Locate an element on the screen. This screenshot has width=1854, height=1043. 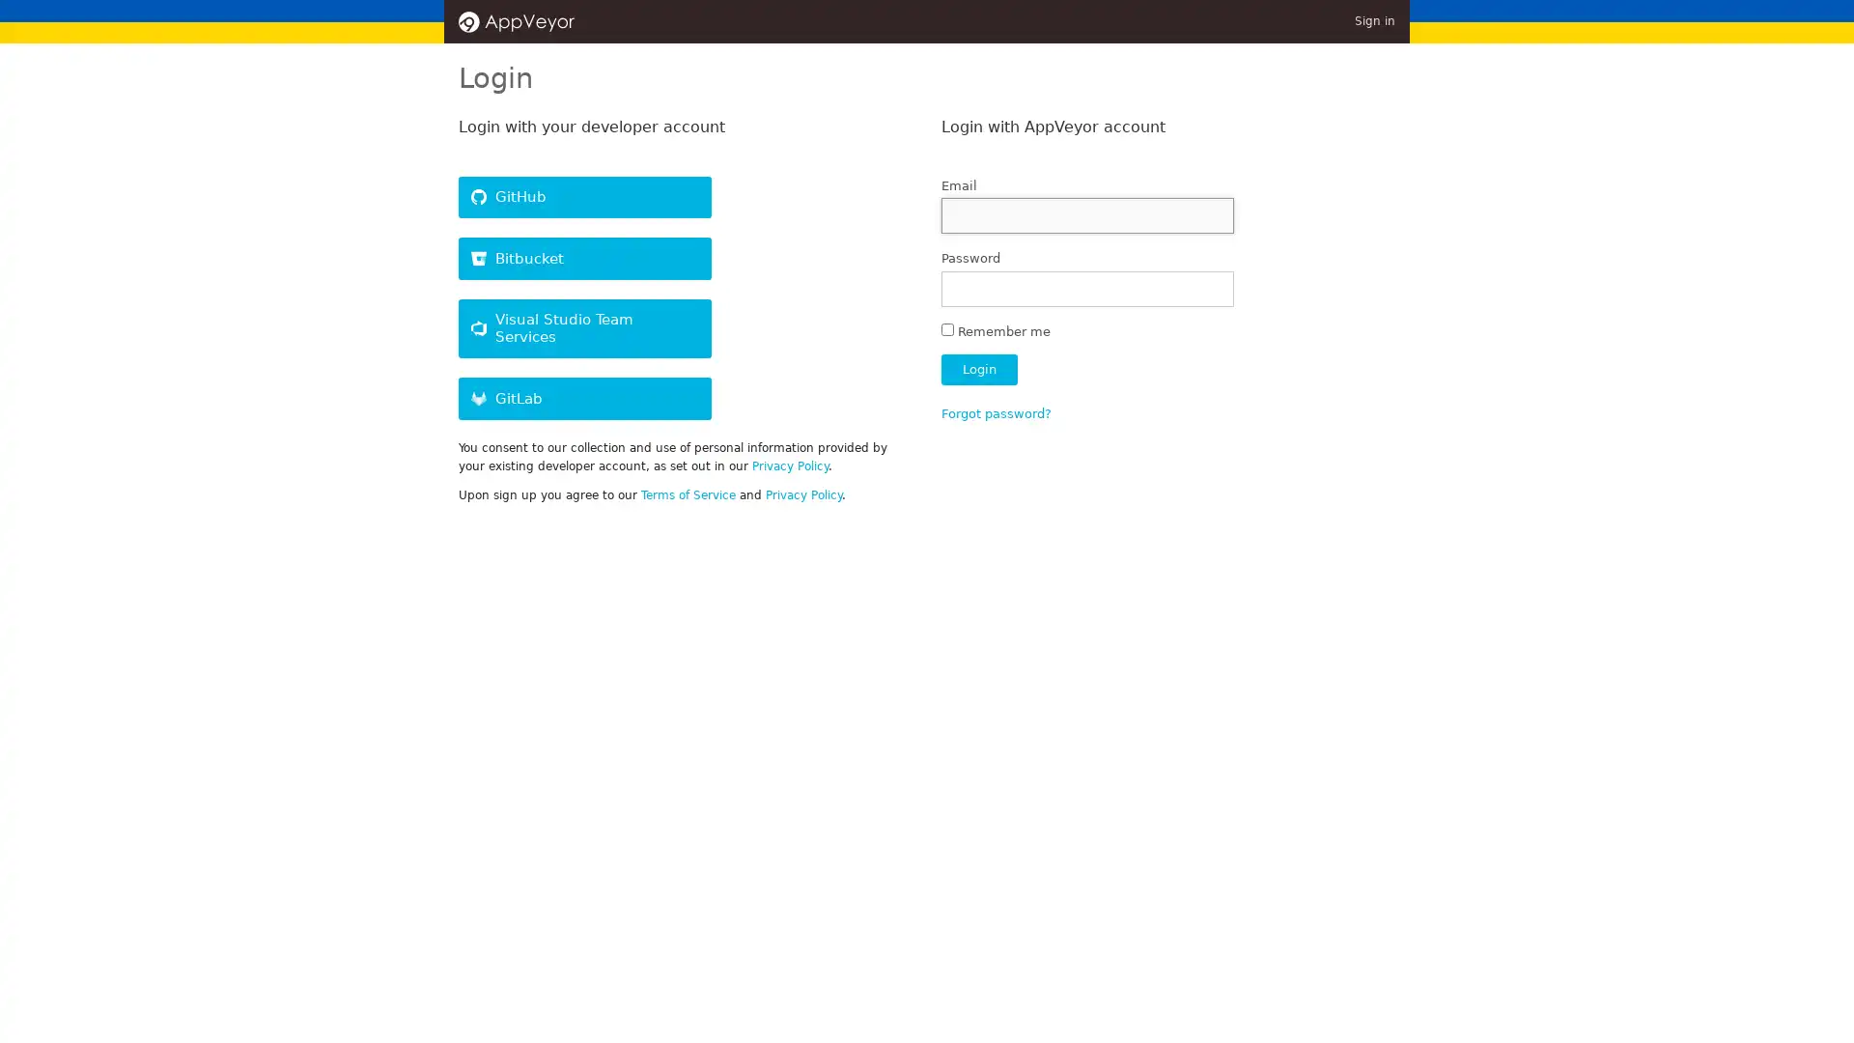
Login is located at coordinates (978, 369).